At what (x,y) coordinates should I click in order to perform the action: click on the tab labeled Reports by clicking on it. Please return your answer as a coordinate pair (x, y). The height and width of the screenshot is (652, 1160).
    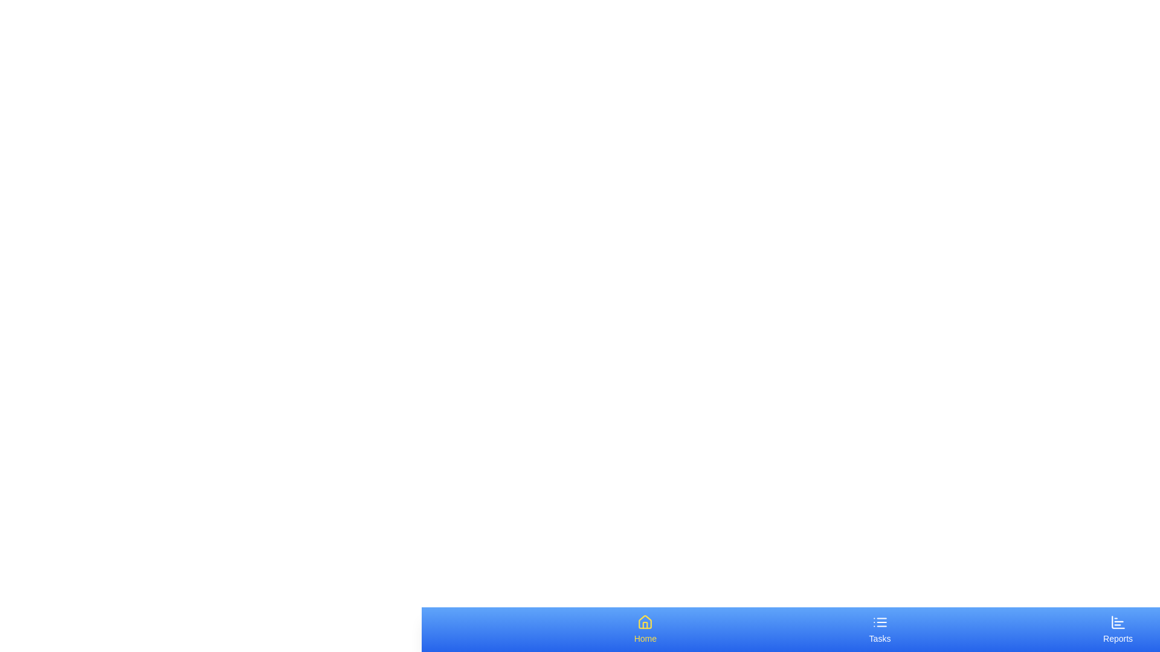
    Looking at the image, I should click on (1116, 628).